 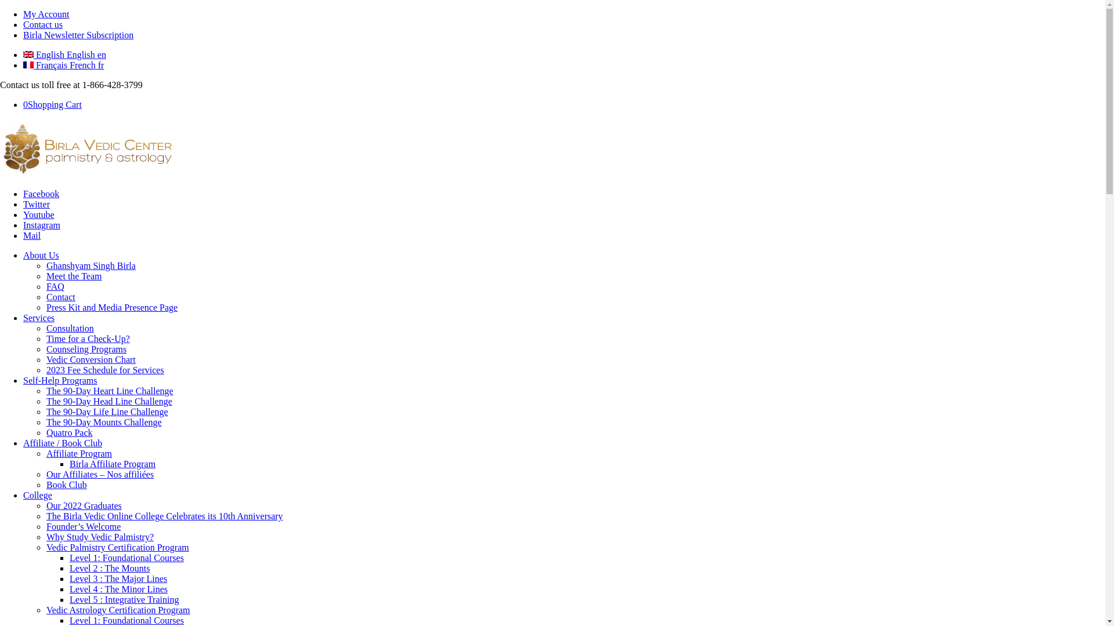 What do you see at coordinates (38, 495) in the screenshot?
I see `'College'` at bounding box center [38, 495].